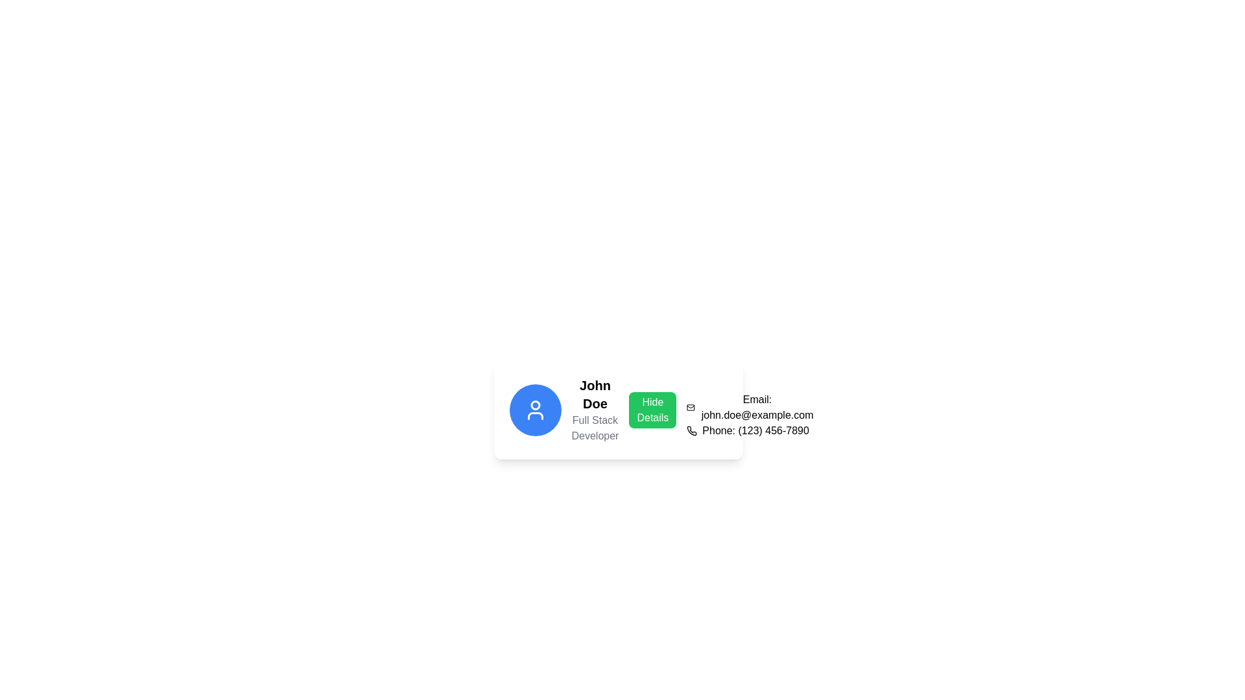 Image resolution: width=1245 pixels, height=700 pixels. What do you see at coordinates (652, 410) in the screenshot?
I see `the rectangular button with a bright green background and white text reading 'Hide Details'` at bounding box center [652, 410].